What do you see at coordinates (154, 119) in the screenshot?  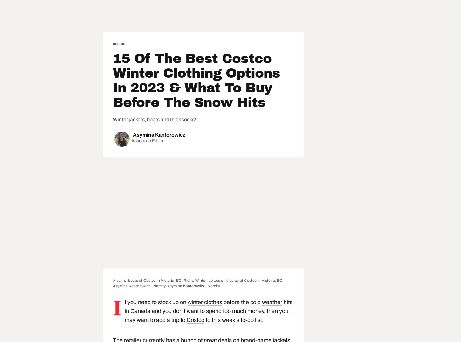 I see `'Winter jackets, boots and thick socks!'` at bounding box center [154, 119].